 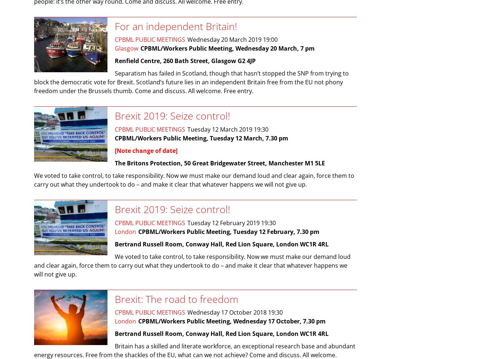 I want to click on 'CPBML/Workers Public Meeting, Tuesday 12 February, 7.30 pm', so click(x=228, y=231).